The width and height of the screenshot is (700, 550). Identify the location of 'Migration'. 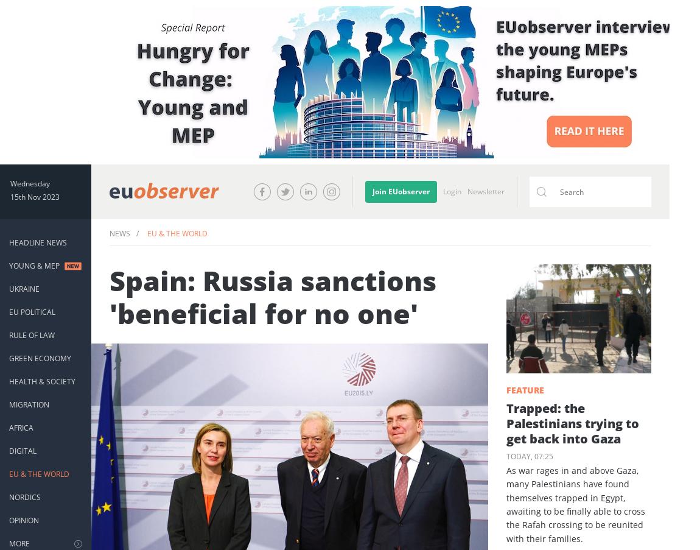
(28, 404).